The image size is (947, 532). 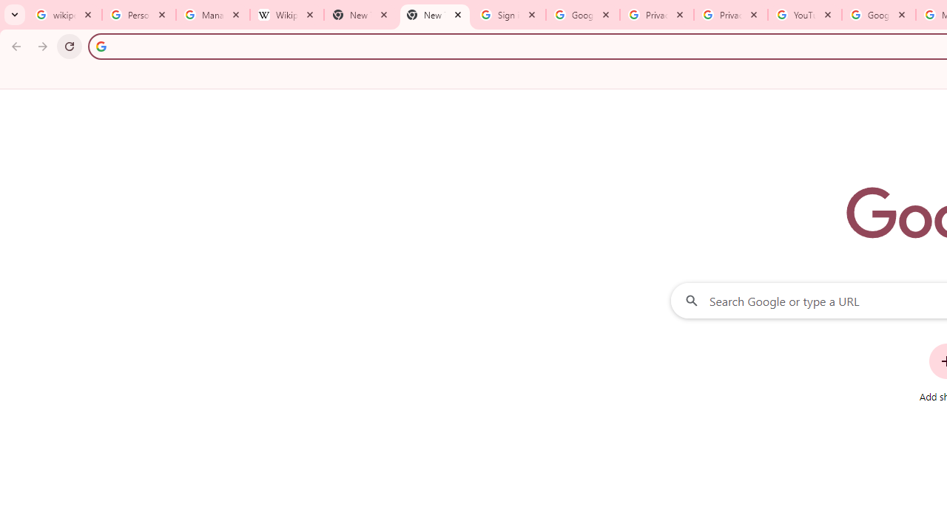 What do you see at coordinates (212, 15) in the screenshot?
I see `'Manage your Location History - Google Search Help'` at bounding box center [212, 15].